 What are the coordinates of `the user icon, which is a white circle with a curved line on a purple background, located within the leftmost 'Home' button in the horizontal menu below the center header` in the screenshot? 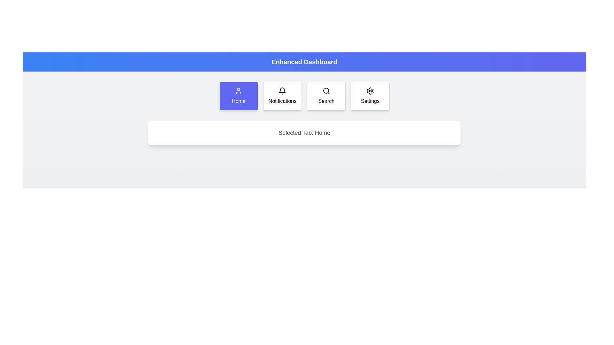 It's located at (238, 91).